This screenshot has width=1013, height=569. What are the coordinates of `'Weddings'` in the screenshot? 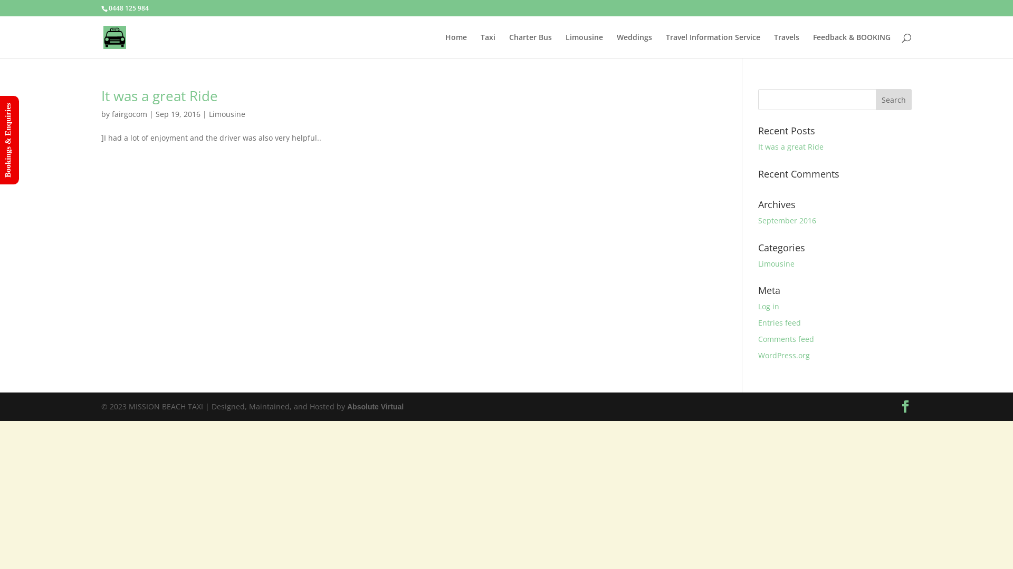 It's located at (617, 45).